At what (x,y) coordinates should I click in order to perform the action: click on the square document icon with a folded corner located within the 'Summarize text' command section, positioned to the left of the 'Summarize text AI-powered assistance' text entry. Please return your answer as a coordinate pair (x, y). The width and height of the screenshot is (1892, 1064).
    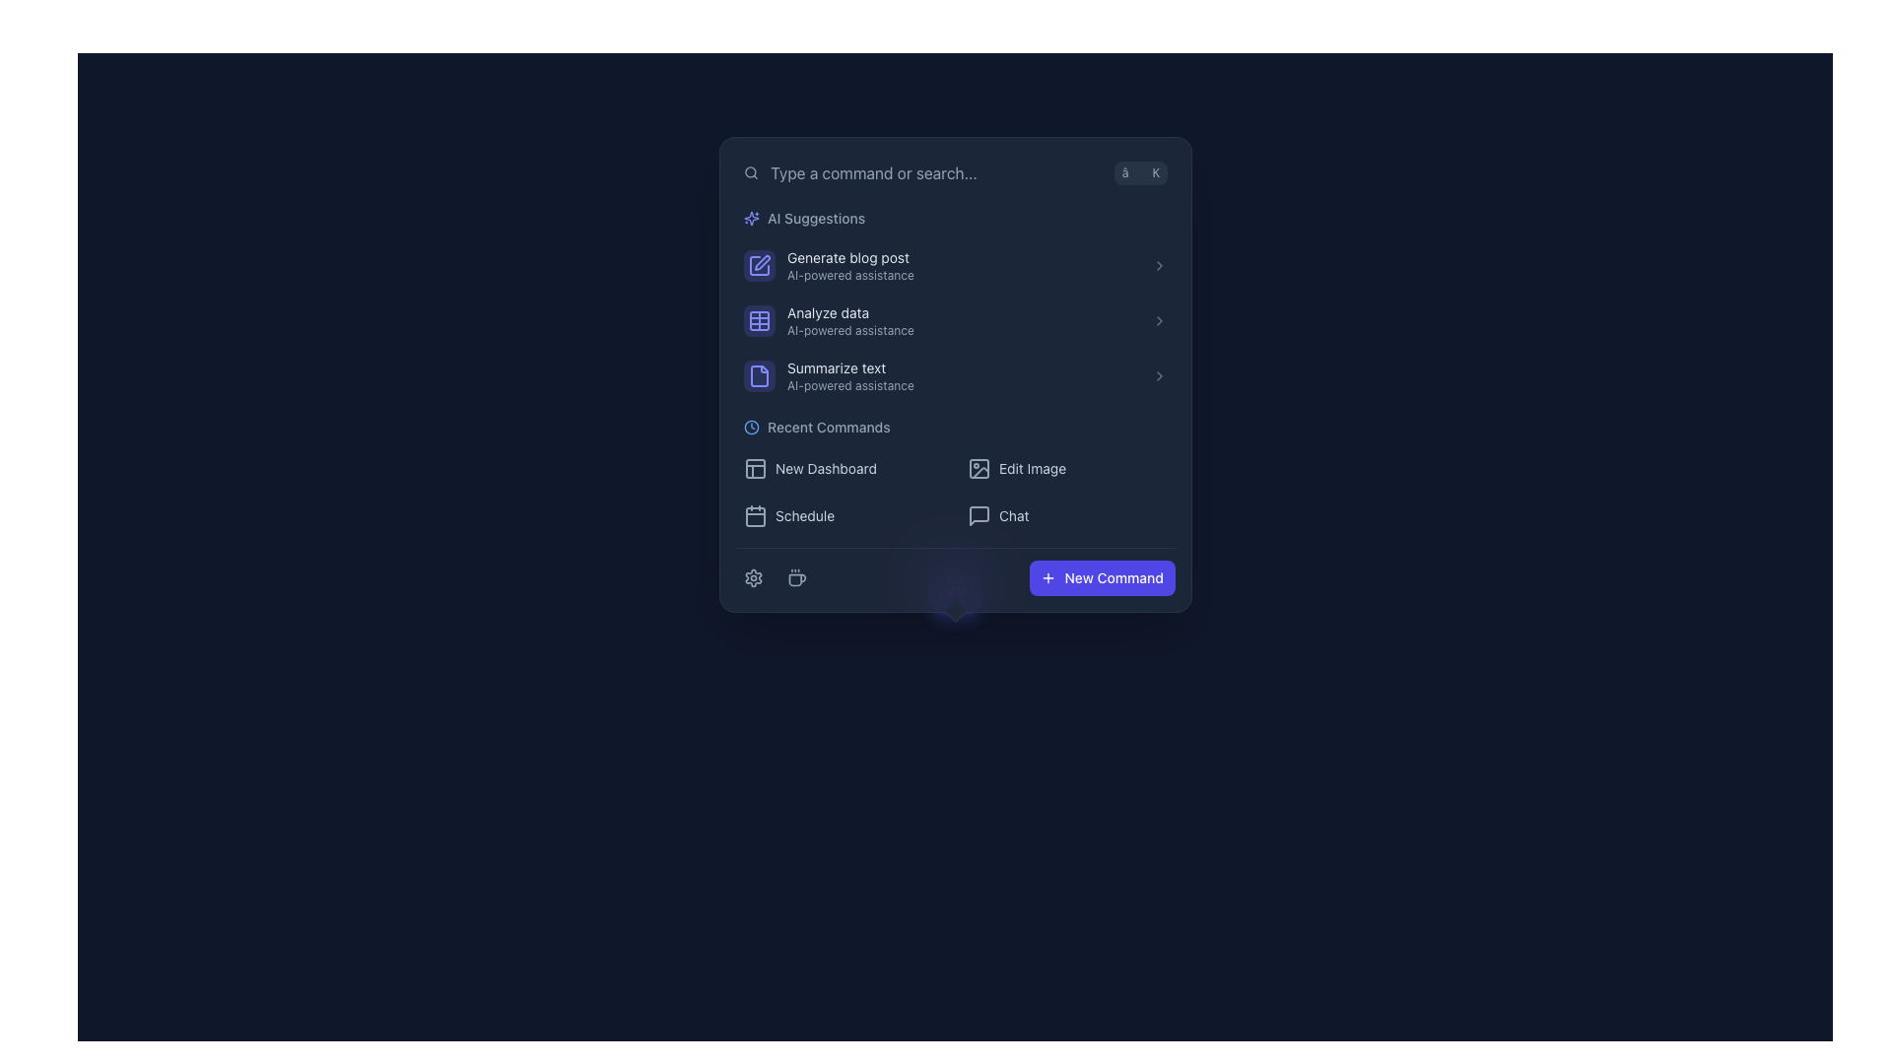
    Looking at the image, I should click on (758, 375).